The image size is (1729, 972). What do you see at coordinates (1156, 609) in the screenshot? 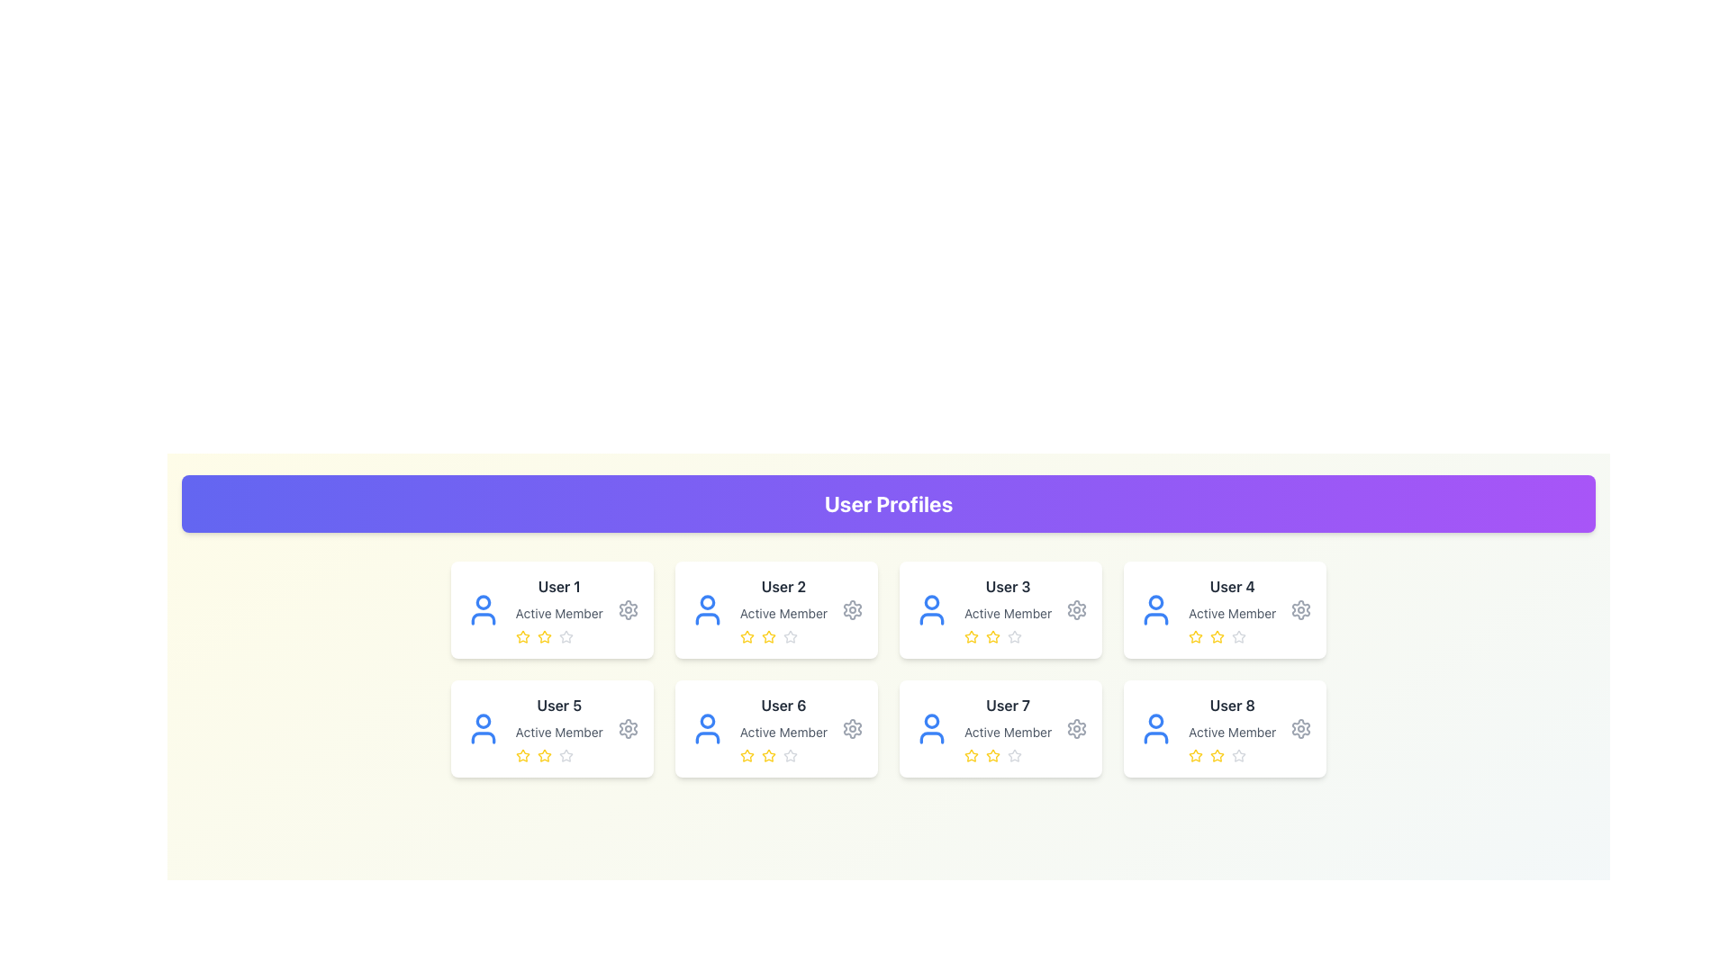
I see `the user identification icon in the 'User 4' card located in the first row and fourth column of the grid layout` at bounding box center [1156, 609].